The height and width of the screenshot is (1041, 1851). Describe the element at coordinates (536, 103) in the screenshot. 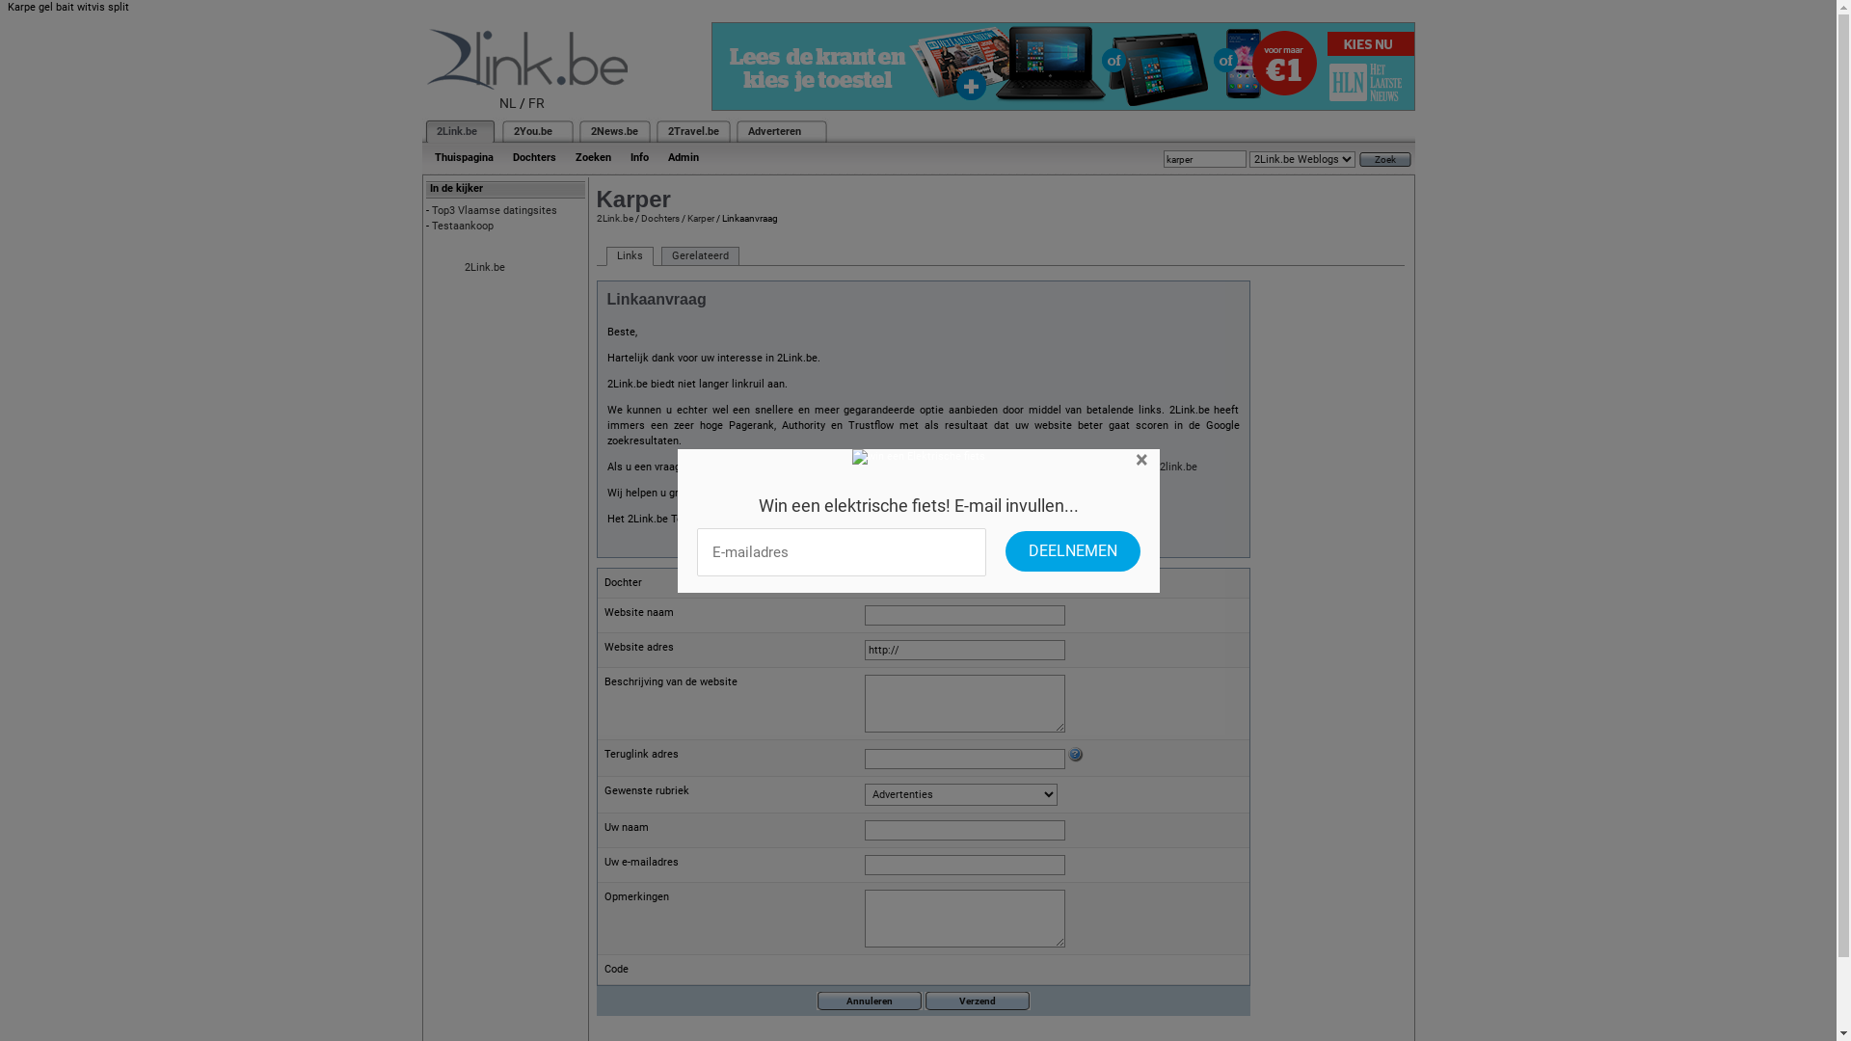

I see `'FR'` at that location.